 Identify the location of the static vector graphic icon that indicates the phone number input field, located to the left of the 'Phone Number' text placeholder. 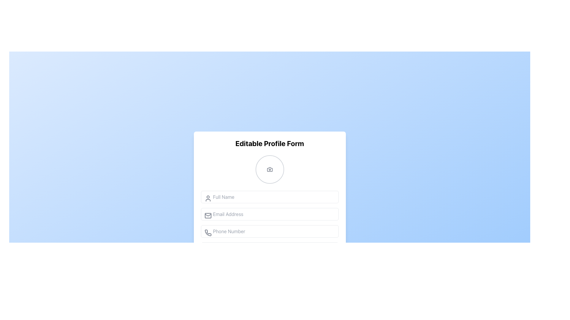
(208, 232).